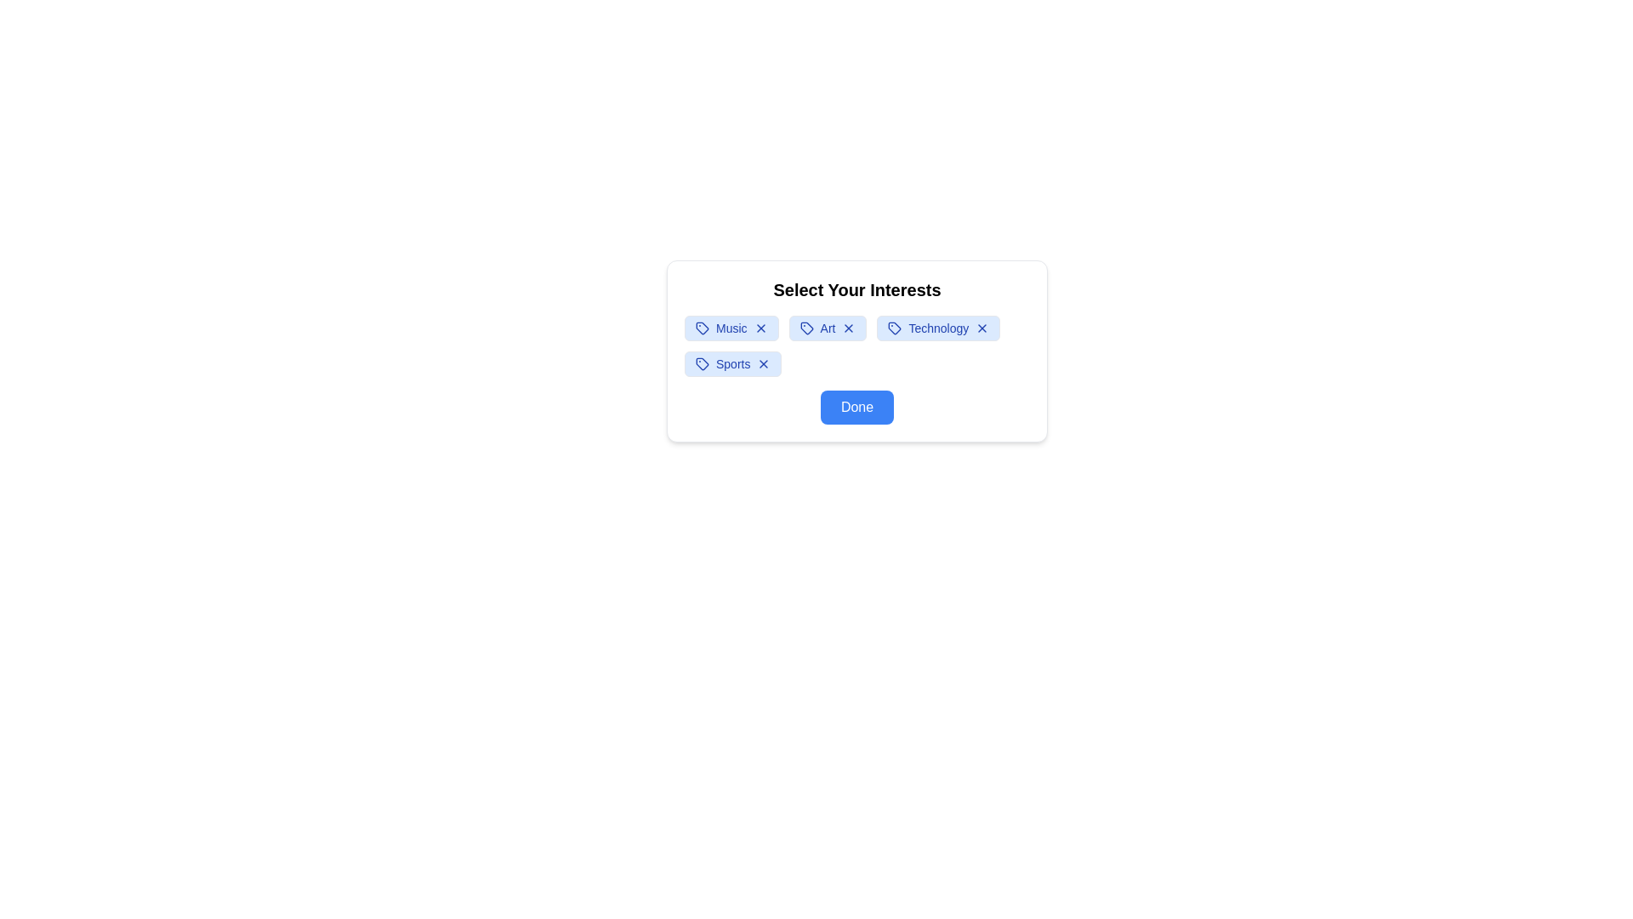 The width and height of the screenshot is (1633, 919). Describe the element at coordinates (938, 328) in the screenshot. I see `the interest tag labeled Technology to observe the hover effect` at that location.